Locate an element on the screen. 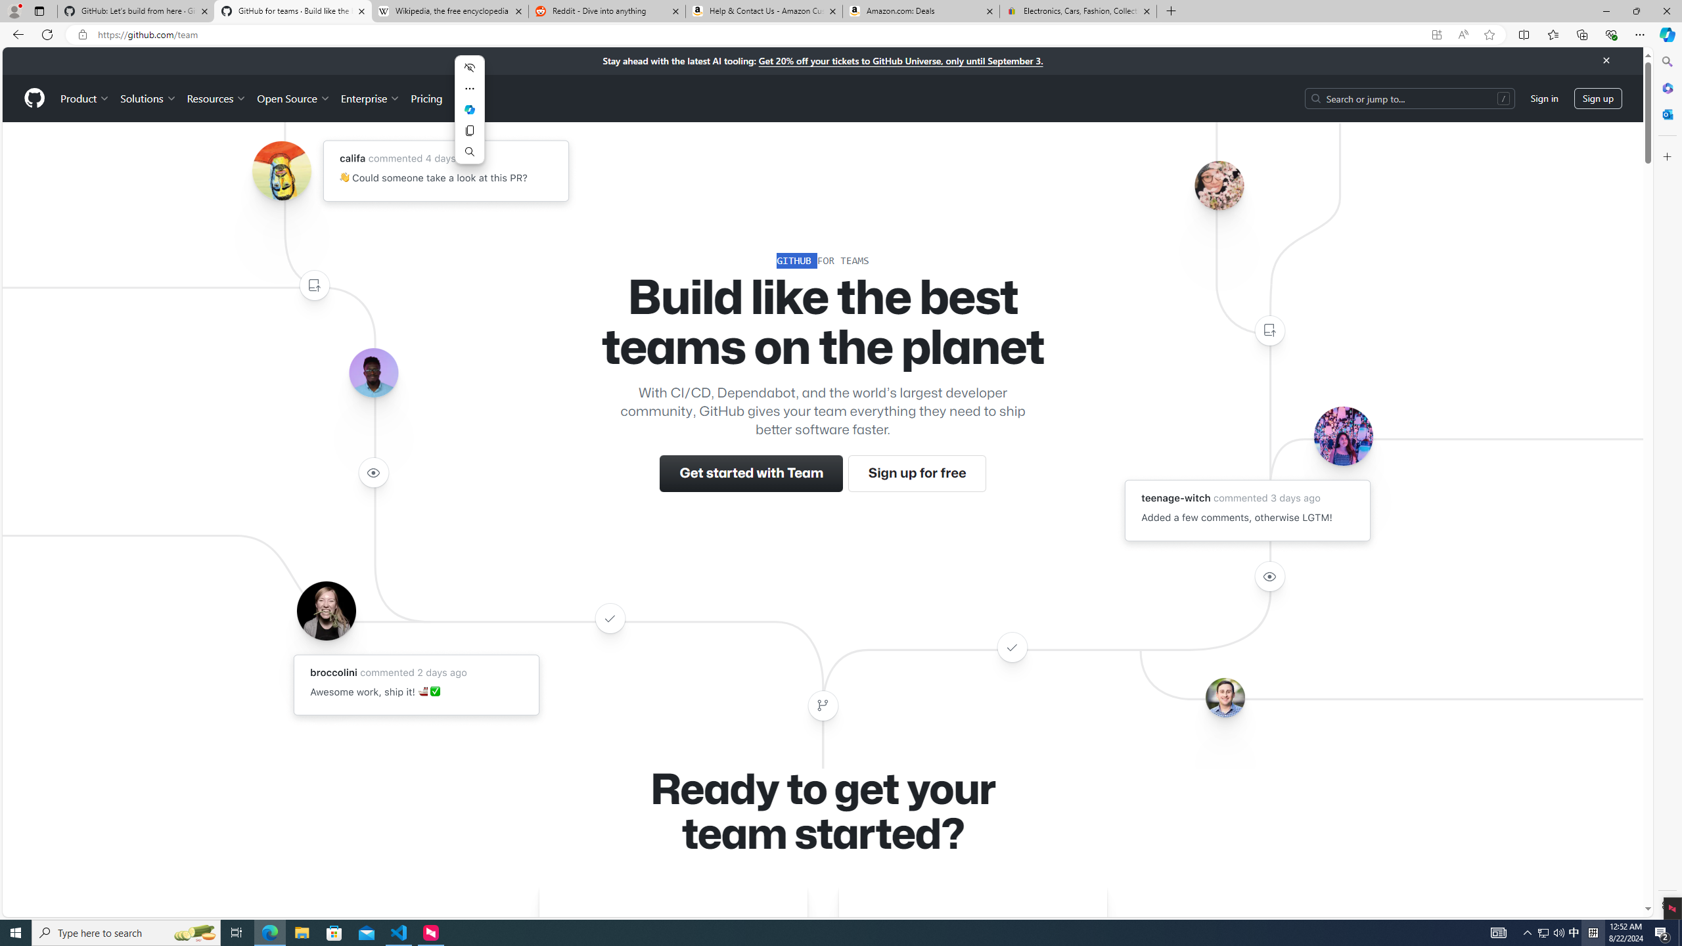 The width and height of the screenshot is (1682, 946). 'Product' is located at coordinates (85, 98).